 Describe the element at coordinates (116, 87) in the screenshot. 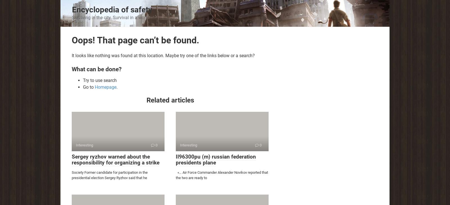

I see `'.'` at that location.